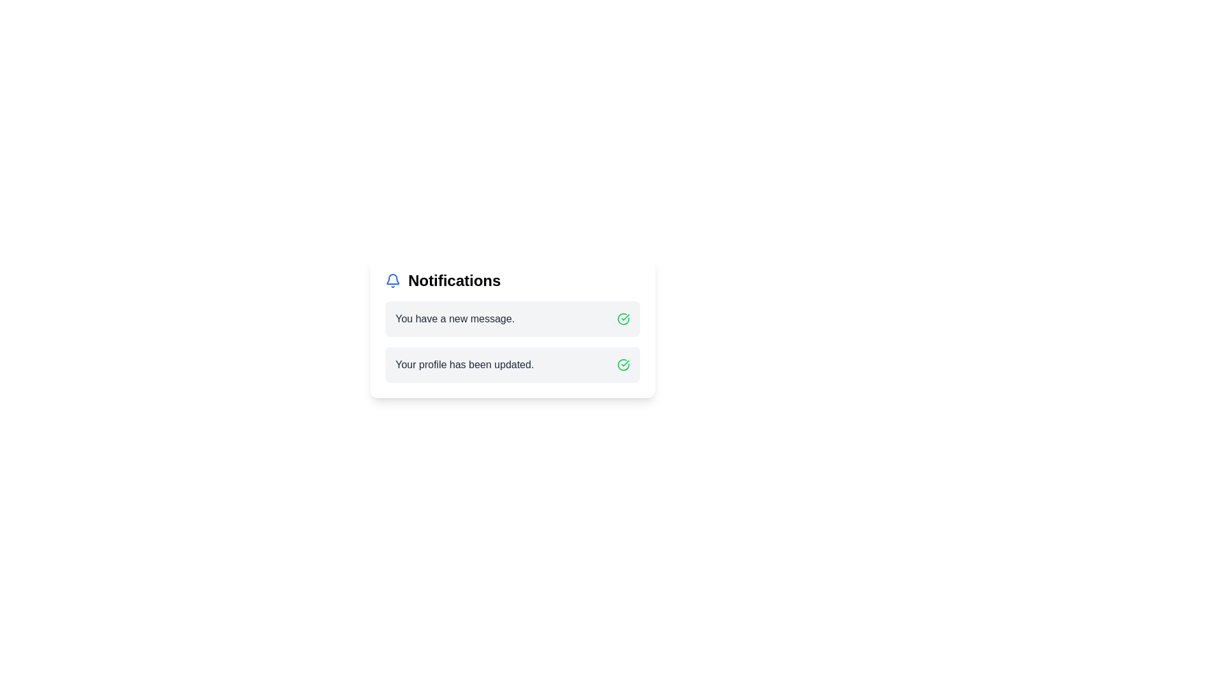 The image size is (1223, 688). Describe the element at coordinates (513, 365) in the screenshot. I see `the Notification card that informs the user about their profile update, positioned as the second item in the Notifications list` at that location.